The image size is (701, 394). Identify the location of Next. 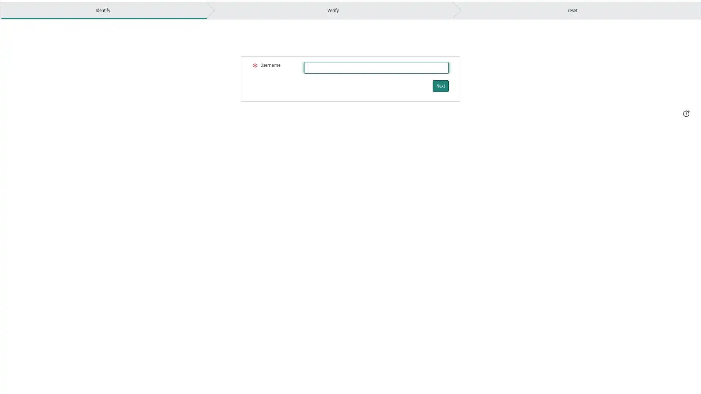
(440, 85).